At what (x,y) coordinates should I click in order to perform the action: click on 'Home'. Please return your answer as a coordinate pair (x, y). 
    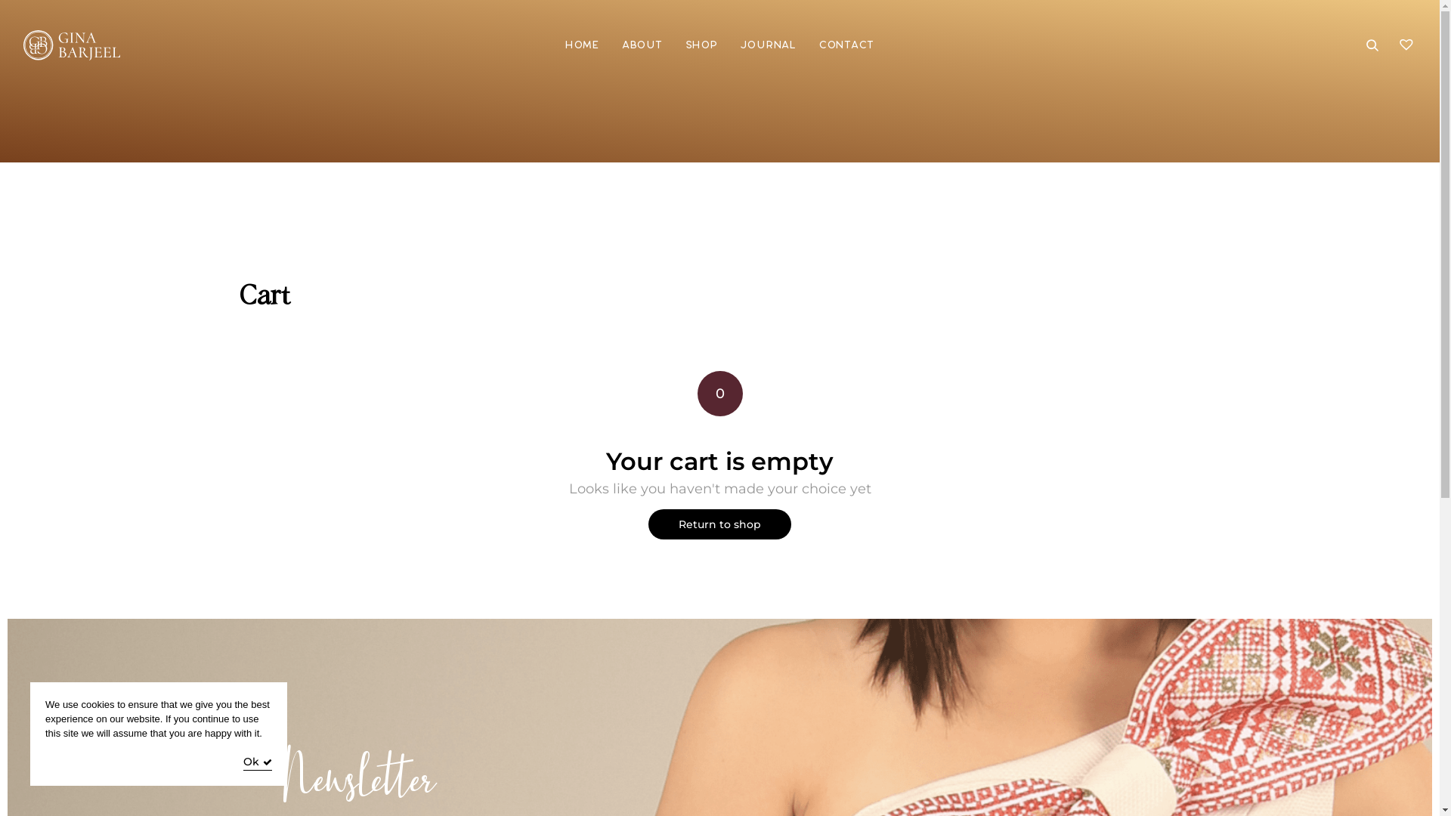
    Looking at the image, I should click on (565, 45).